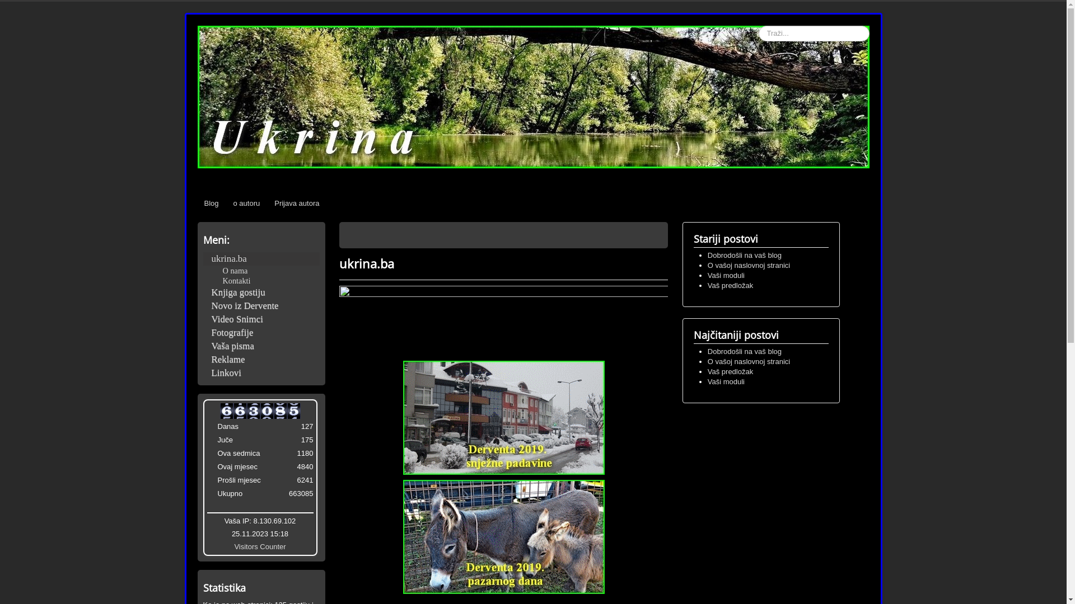 This screenshot has height=604, width=1075. Describe the element at coordinates (235, 270) in the screenshot. I see `'O nama'` at that location.